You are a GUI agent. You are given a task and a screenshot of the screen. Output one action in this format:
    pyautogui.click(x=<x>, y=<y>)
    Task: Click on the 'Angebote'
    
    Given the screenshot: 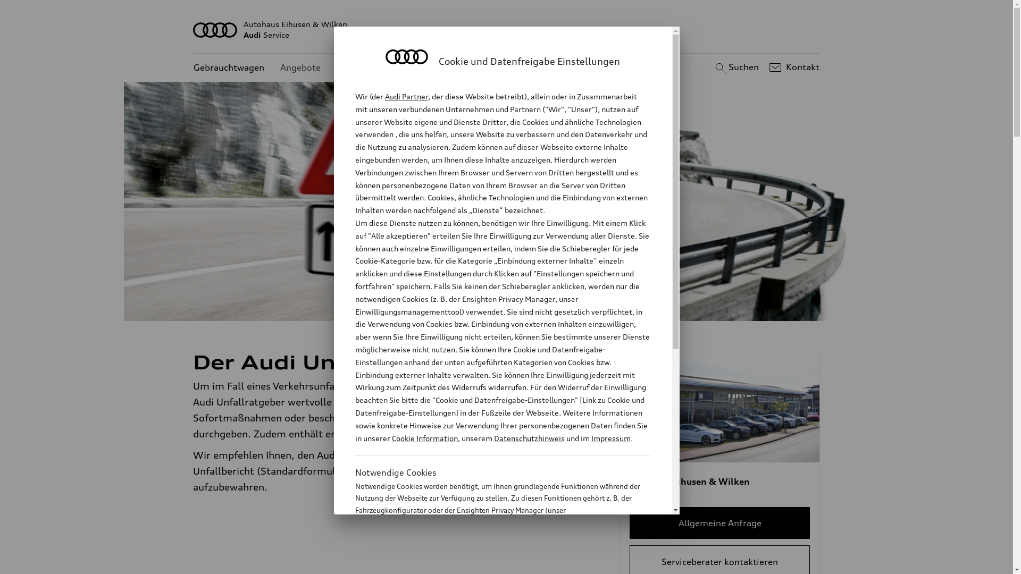 What is the action you would take?
    pyautogui.click(x=300, y=67)
    